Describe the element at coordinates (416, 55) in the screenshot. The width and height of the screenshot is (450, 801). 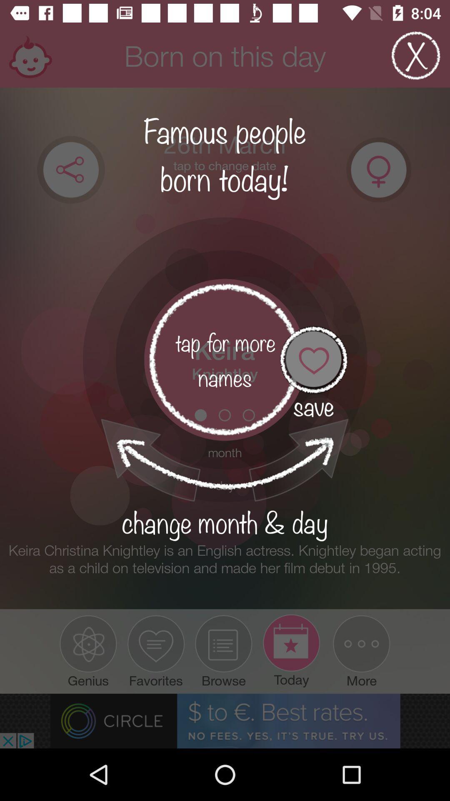
I see `the page` at that location.